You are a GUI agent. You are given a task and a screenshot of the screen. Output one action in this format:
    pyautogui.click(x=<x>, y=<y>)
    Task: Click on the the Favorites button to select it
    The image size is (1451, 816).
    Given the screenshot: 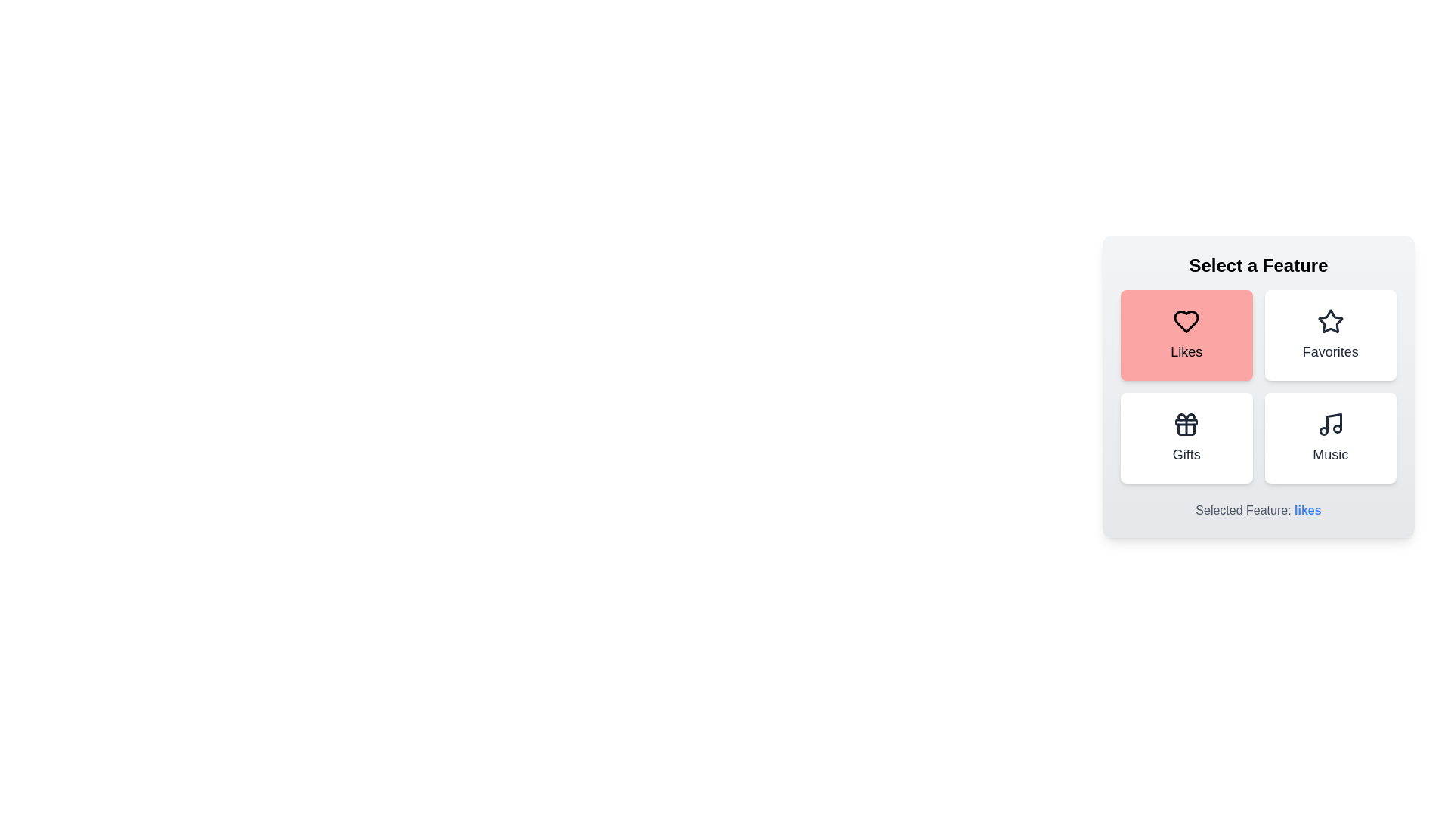 What is the action you would take?
    pyautogui.click(x=1330, y=334)
    